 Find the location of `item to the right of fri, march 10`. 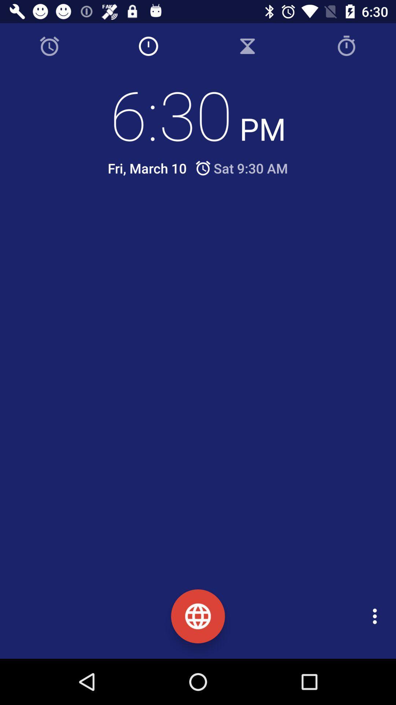

item to the right of fri, march 10 is located at coordinates (241, 168).